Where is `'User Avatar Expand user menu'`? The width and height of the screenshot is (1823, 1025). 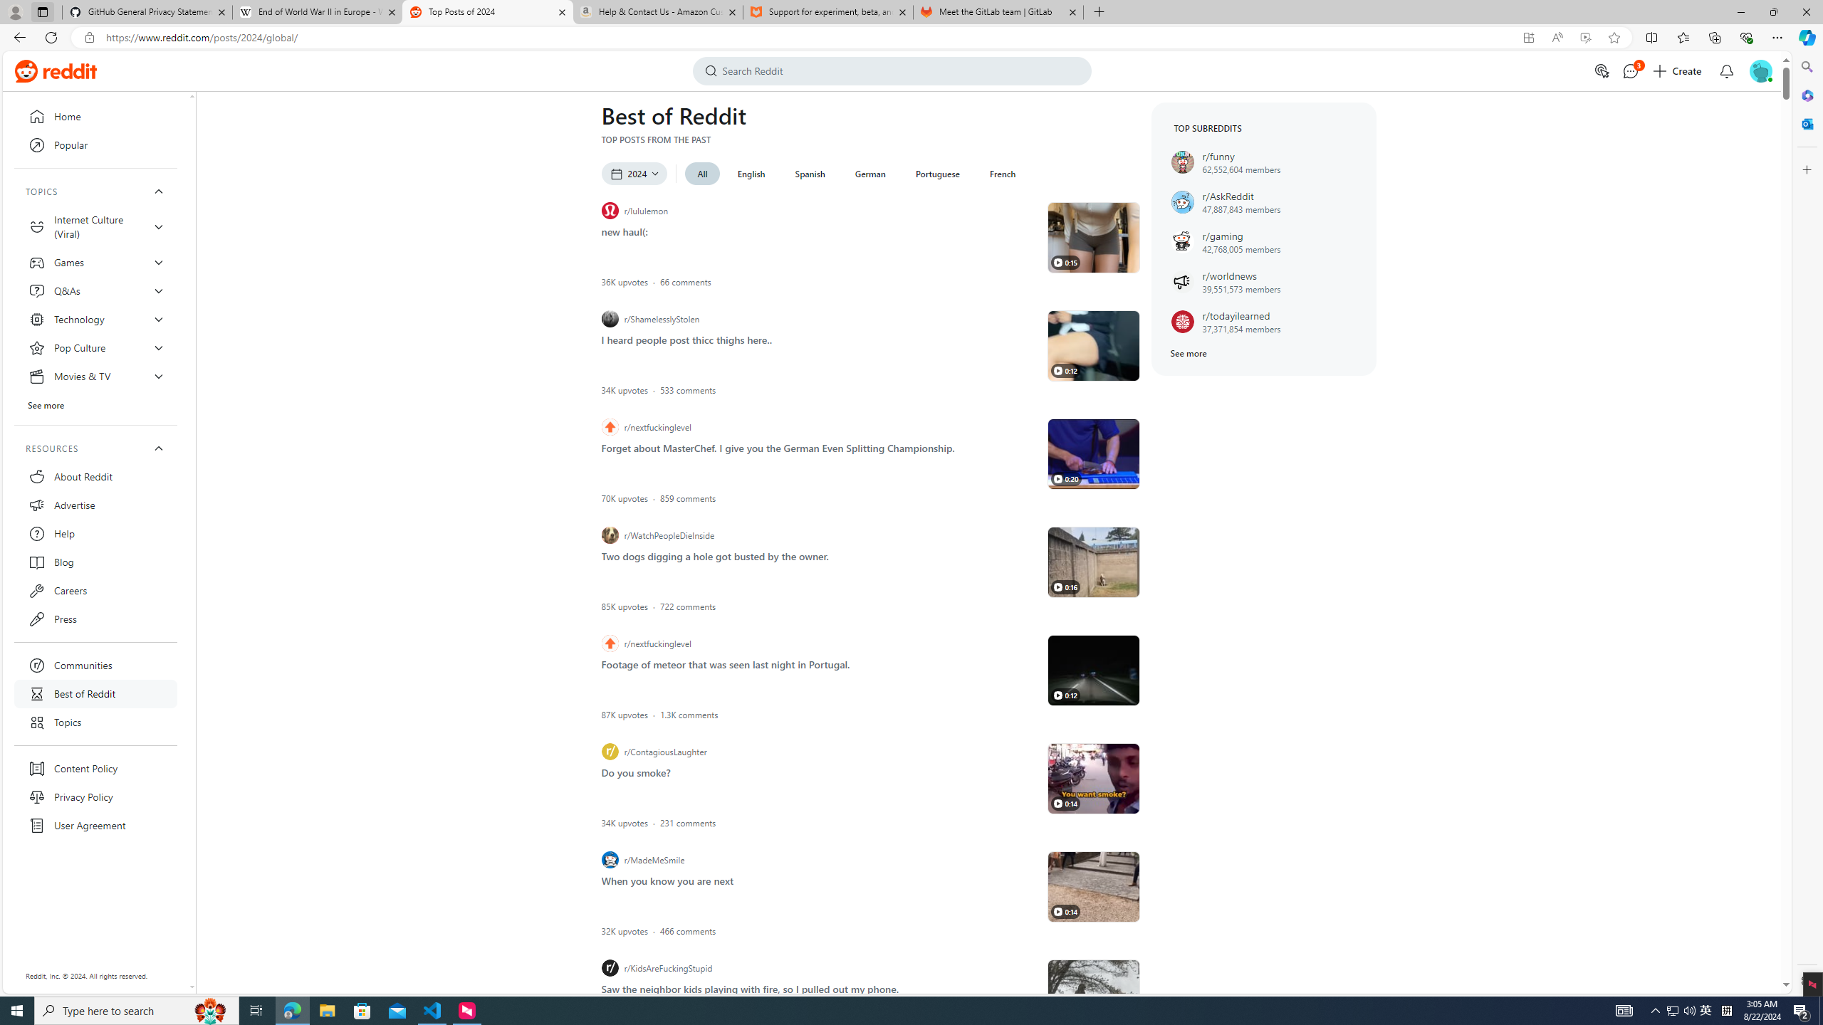
'User Avatar Expand user menu' is located at coordinates (1760, 70).